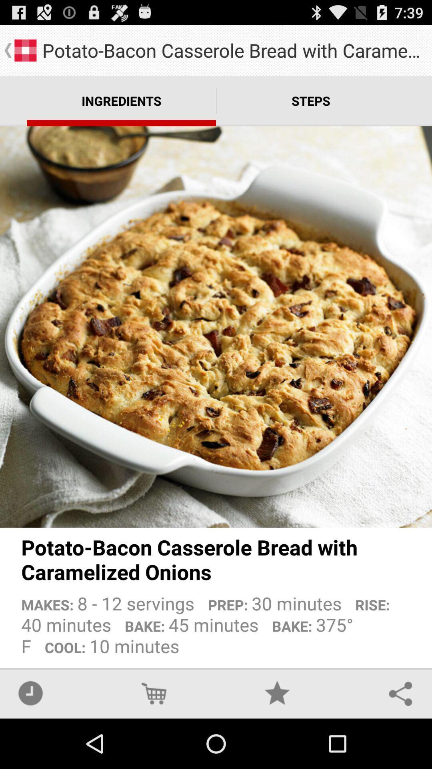 The width and height of the screenshot is (432, 769). Describe the element at coordinates (154, 693) in the screenshot. I see `the app below the makes 8 12 item` at that location.